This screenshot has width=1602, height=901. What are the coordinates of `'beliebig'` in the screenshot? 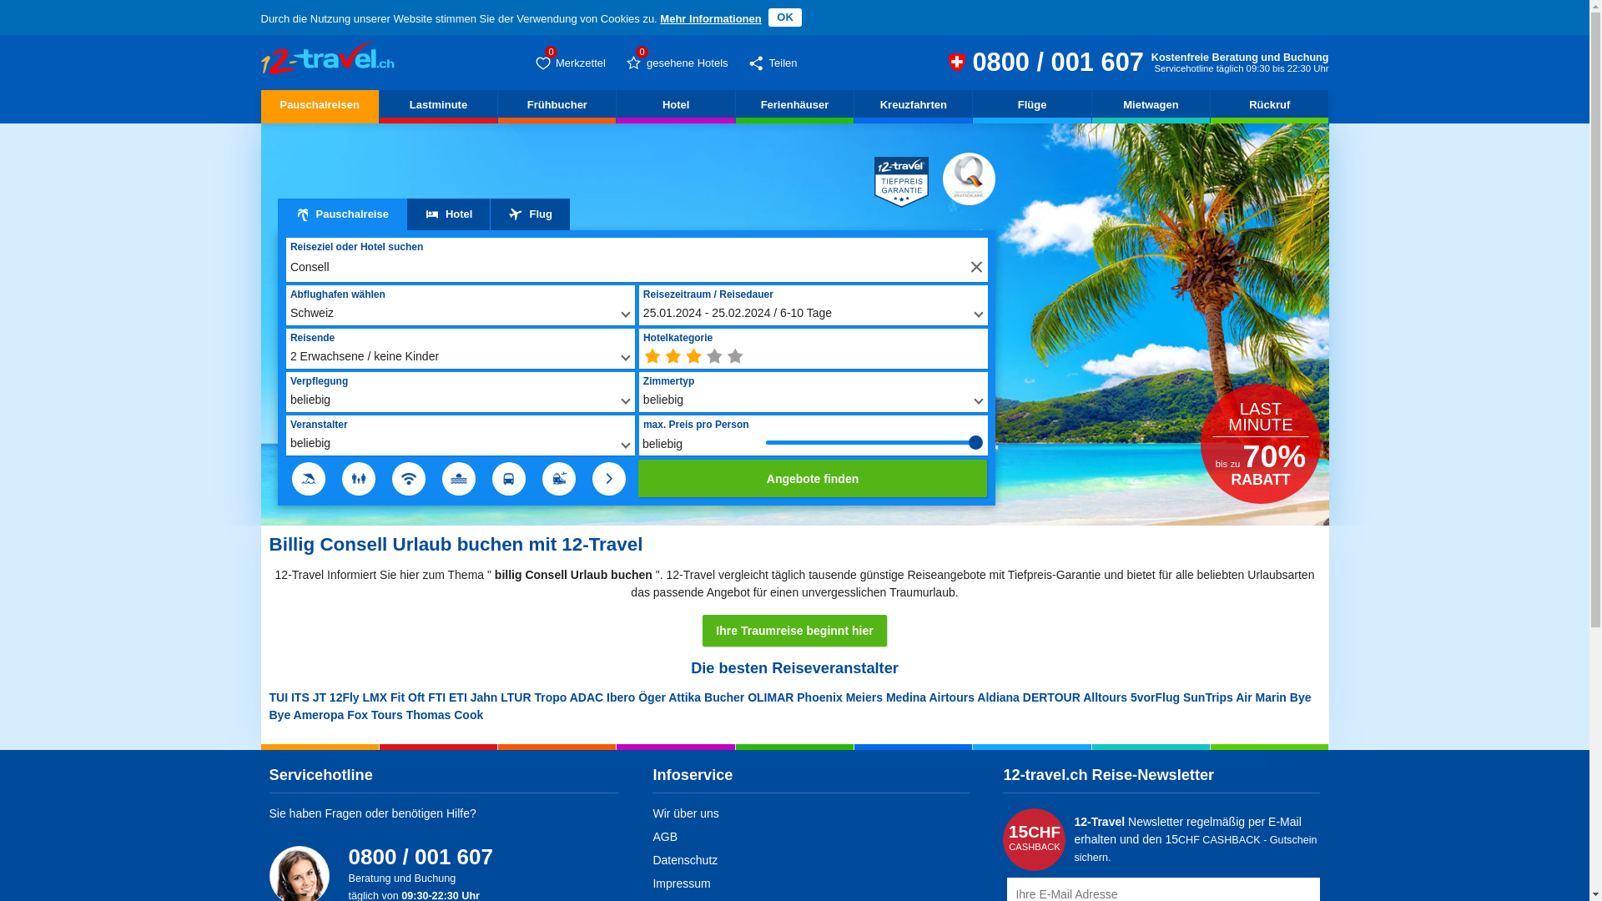 It's located at (654, 358).